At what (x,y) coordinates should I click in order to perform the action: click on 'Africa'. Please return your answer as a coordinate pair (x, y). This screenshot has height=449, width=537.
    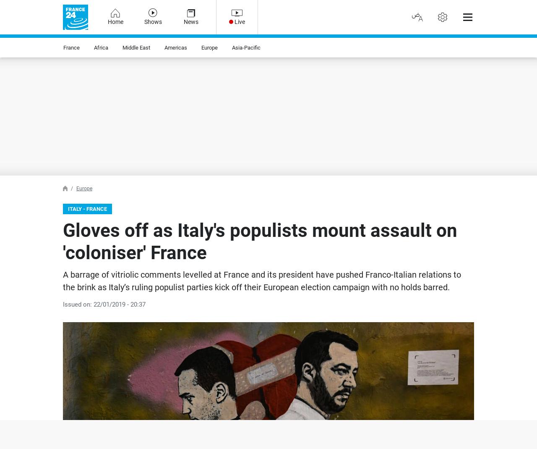
    Looking at the image, I should click on (101, 47).